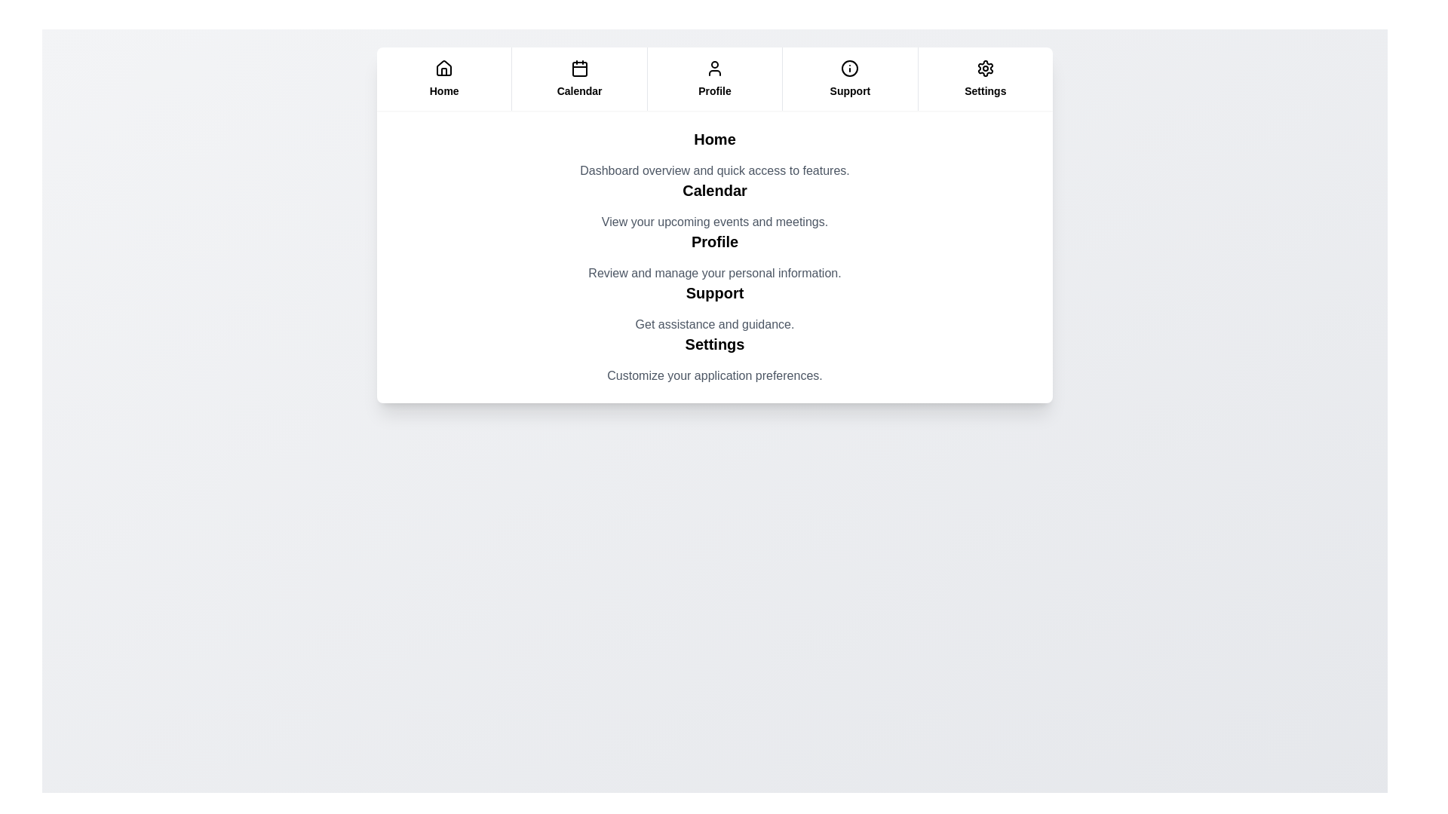  Describe the element at coordinates (714, 293) in the screenshot. I see `the bold 'Support' text header, which is visually distinct due to its larger font size and bold styling, positioned centrally in the visible area` at that location.